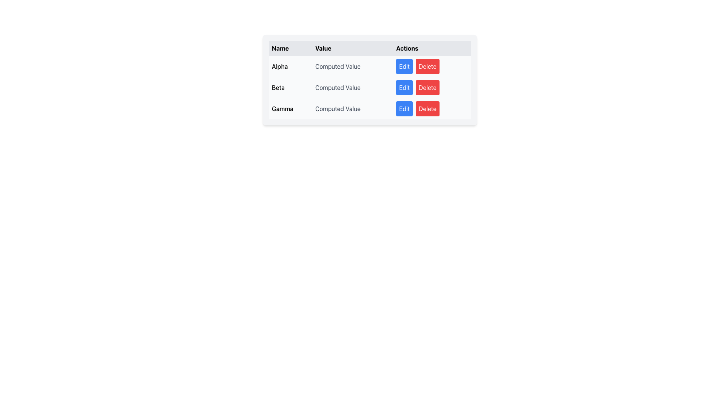 This screenshot has height=408, width=725. What do you see at coordinates (352, 87) in the screenshot?
I see `the static text element displaying the computed value for 'Beta', located between the 'Beta' label and the 'Edit' and 'Delete' buttons` at bounding box center [352, 87].